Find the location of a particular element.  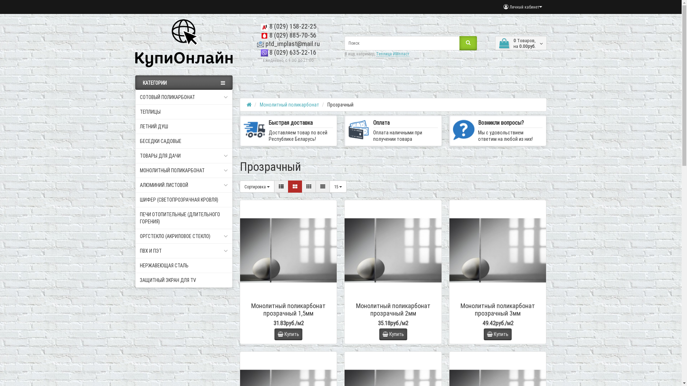

'8 (029) 635-22-16' is located at coordinates (288, 52).